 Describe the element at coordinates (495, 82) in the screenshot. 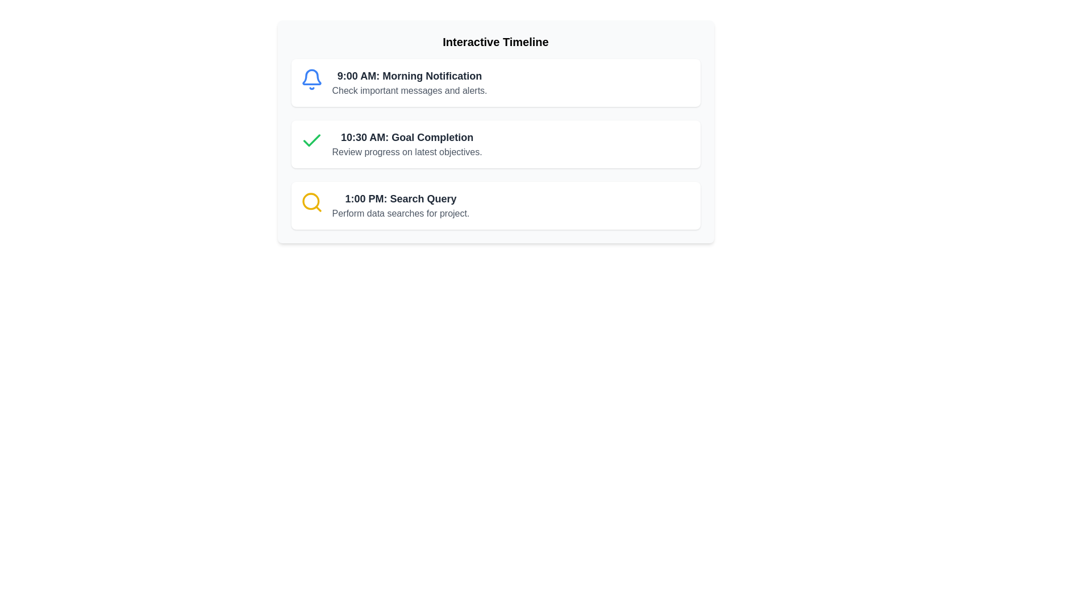

I see `notification titled '9:00 AM: Morning Notification' that contains the message 'Check important messages and alerts.'` at that location.